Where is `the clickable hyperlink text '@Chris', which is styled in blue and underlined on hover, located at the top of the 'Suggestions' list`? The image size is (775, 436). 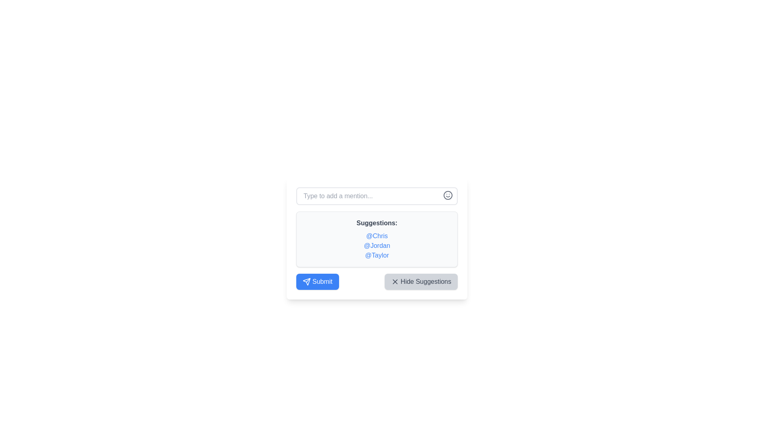
the clickable hyperlink text '@Chris', which is styled in blue and underlined on hover, located at the top of the 'Suggestions' list is located at coordinates (377, 236).